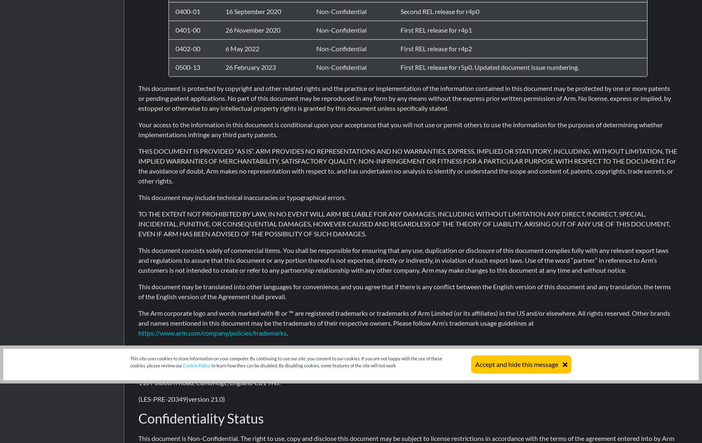  What do you see at coordinates (174, 67) in the screenshot?
I see `'0500-13'` at bounding box center [174, 67].